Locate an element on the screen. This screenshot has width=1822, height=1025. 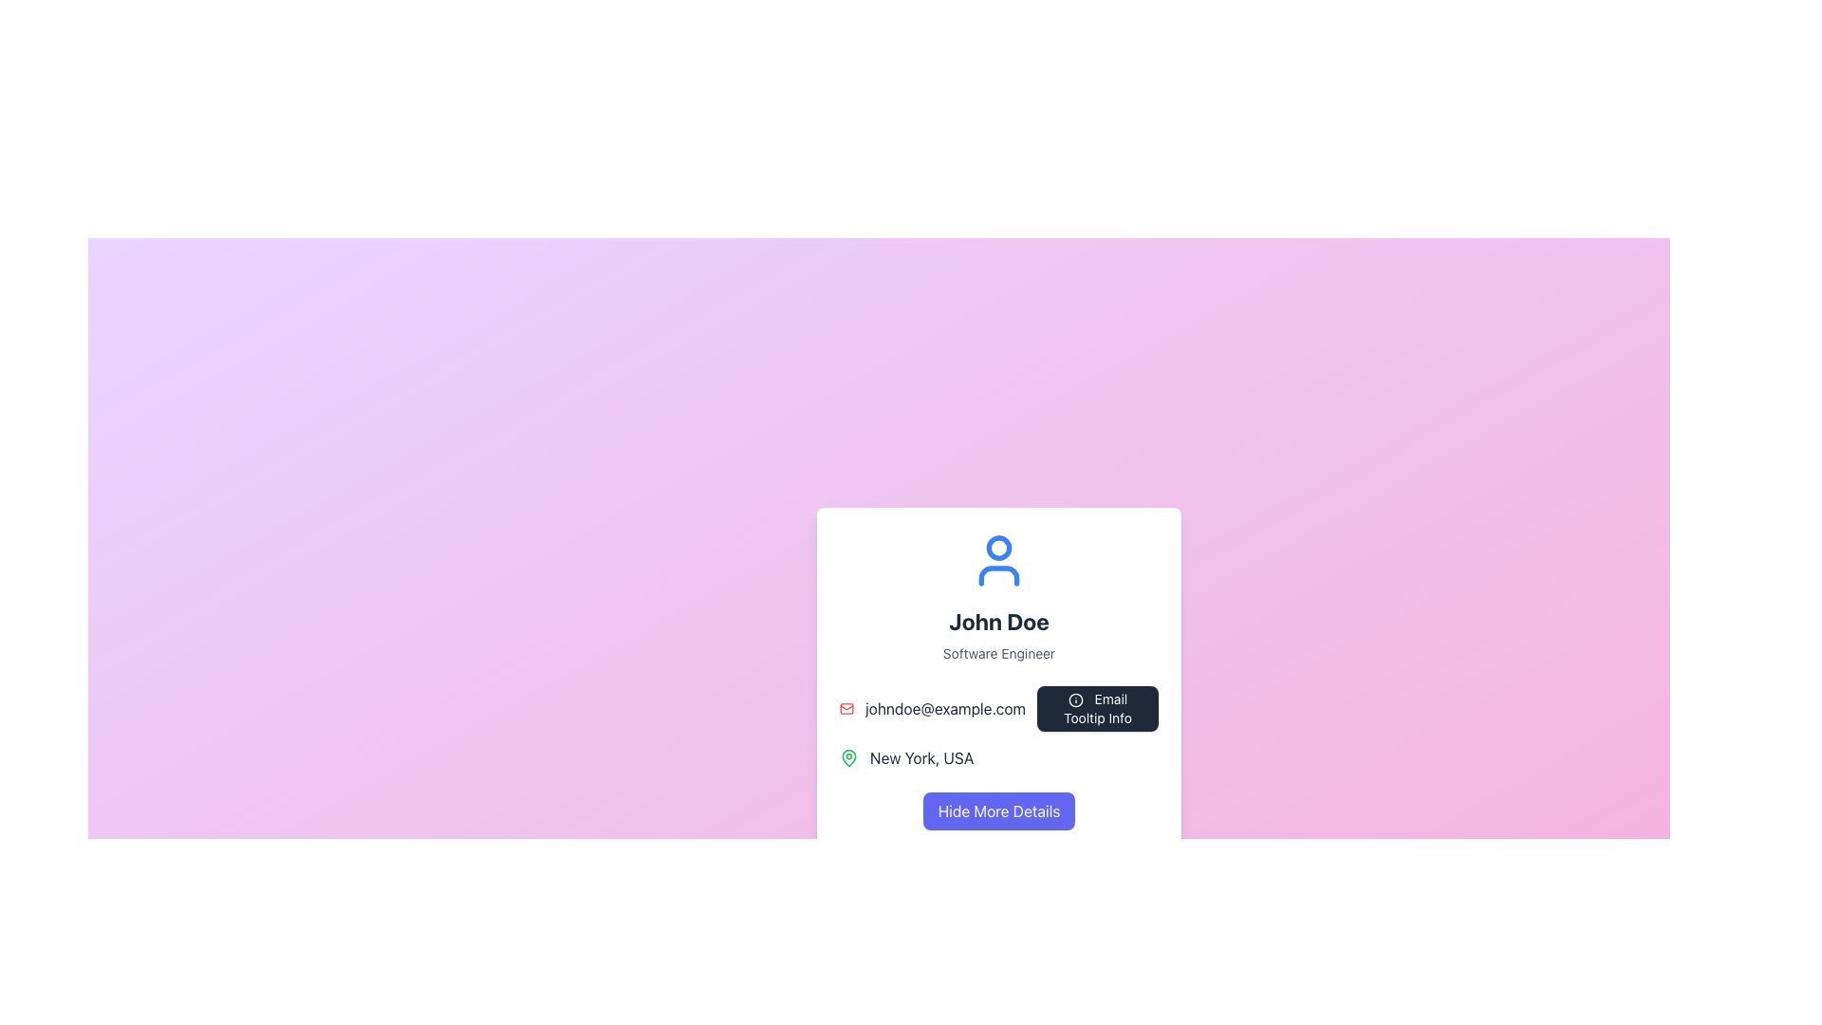
the email address text in the informational row located below 'John Doe' and above 'New York, USA' to copy it is located at coordinates (997, 709).